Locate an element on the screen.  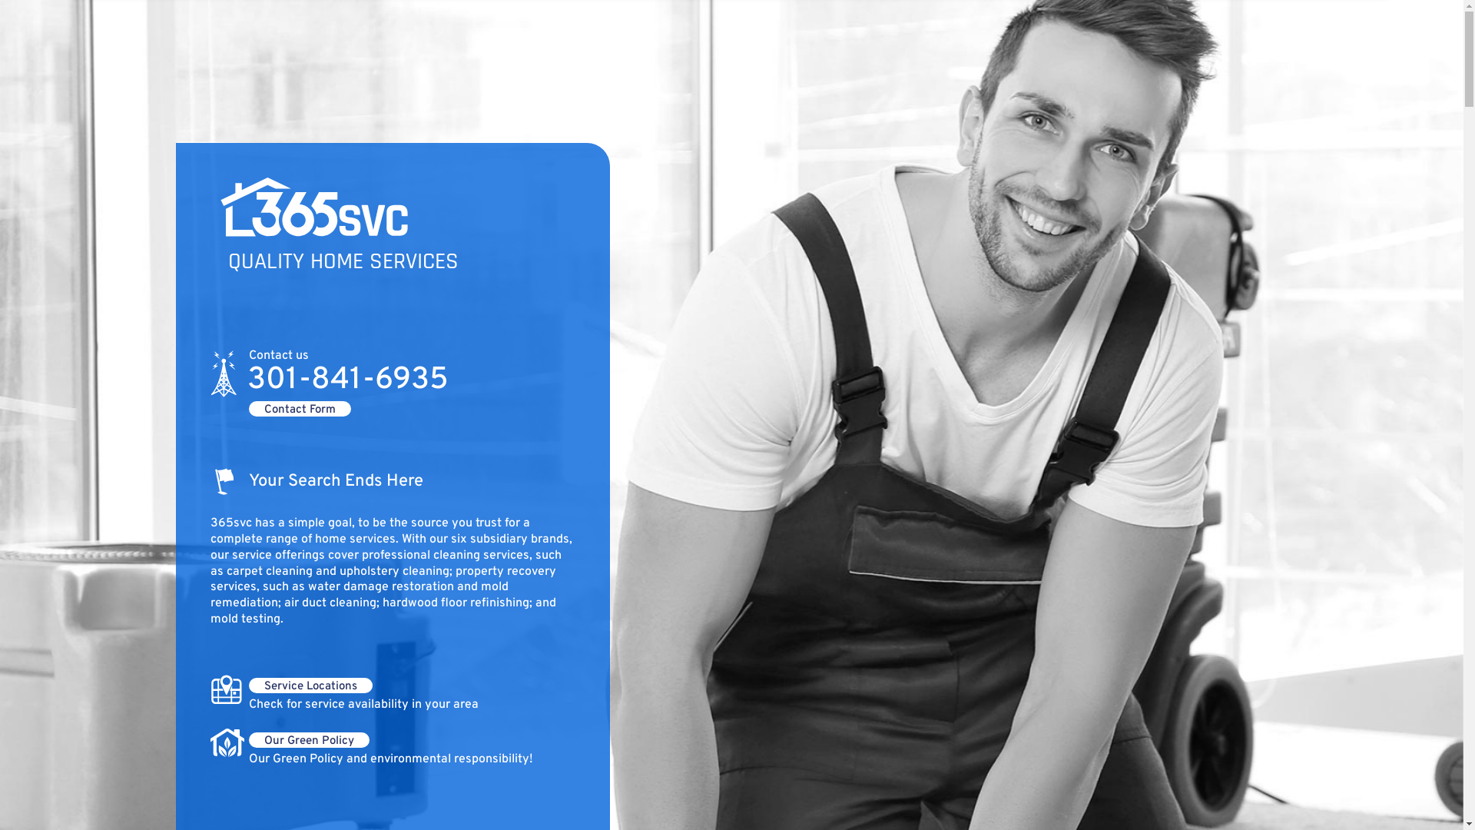
'301-841-6935' is located at coordinates (346, 380).